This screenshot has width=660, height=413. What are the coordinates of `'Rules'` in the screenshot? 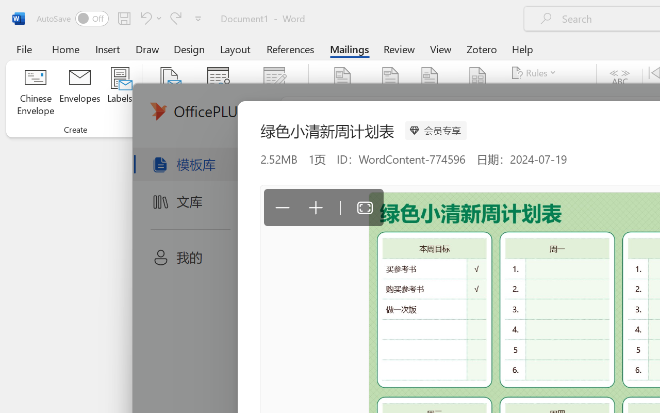 It's located at (535, 73).